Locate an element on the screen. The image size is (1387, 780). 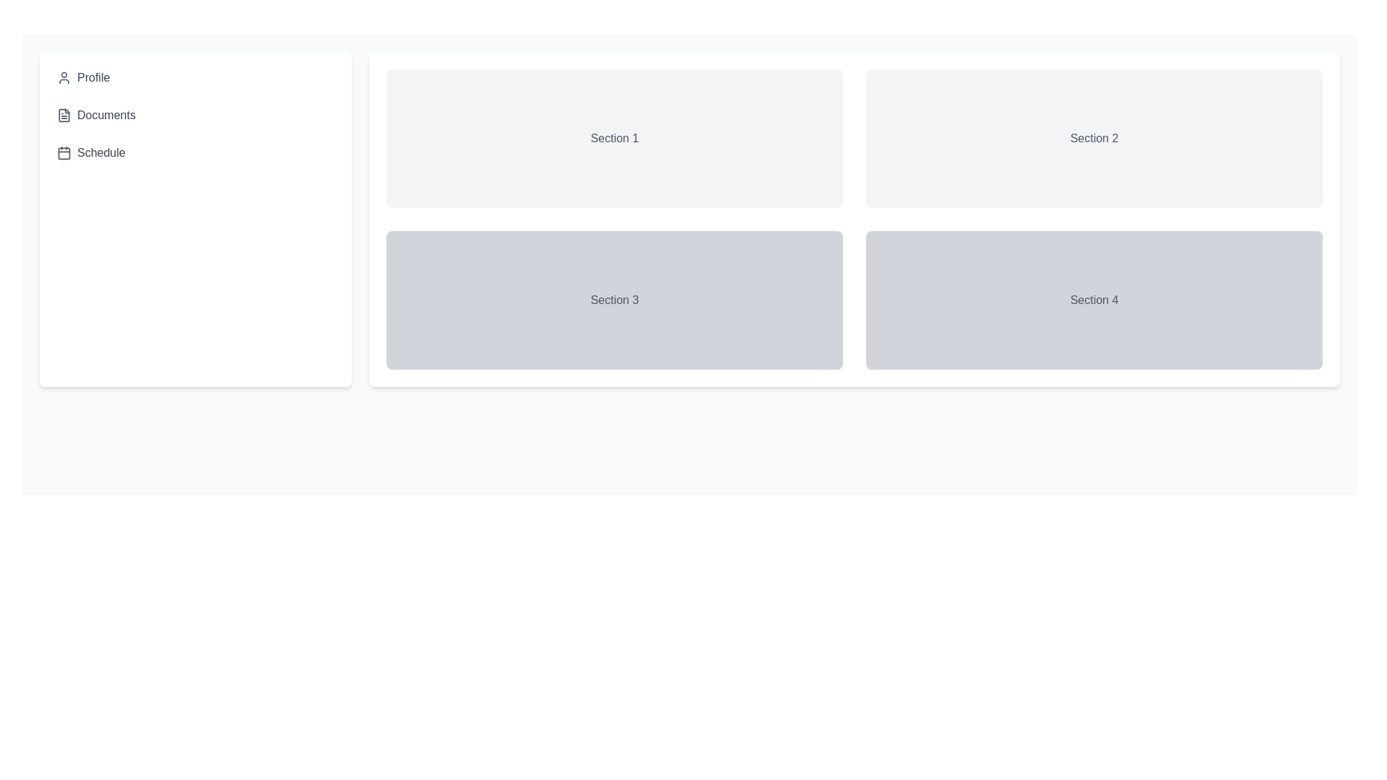
the 'Documents' text label, which is styled in gray and located is located at coordinates (105, 114).